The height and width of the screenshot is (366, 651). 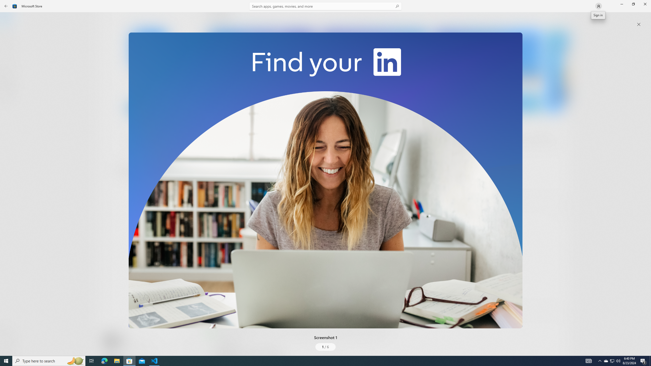 What do you see at coordinates (645, 4) in the screenshot?
I see `'Close Microsoft Store'` at bounding box center [645, 4].